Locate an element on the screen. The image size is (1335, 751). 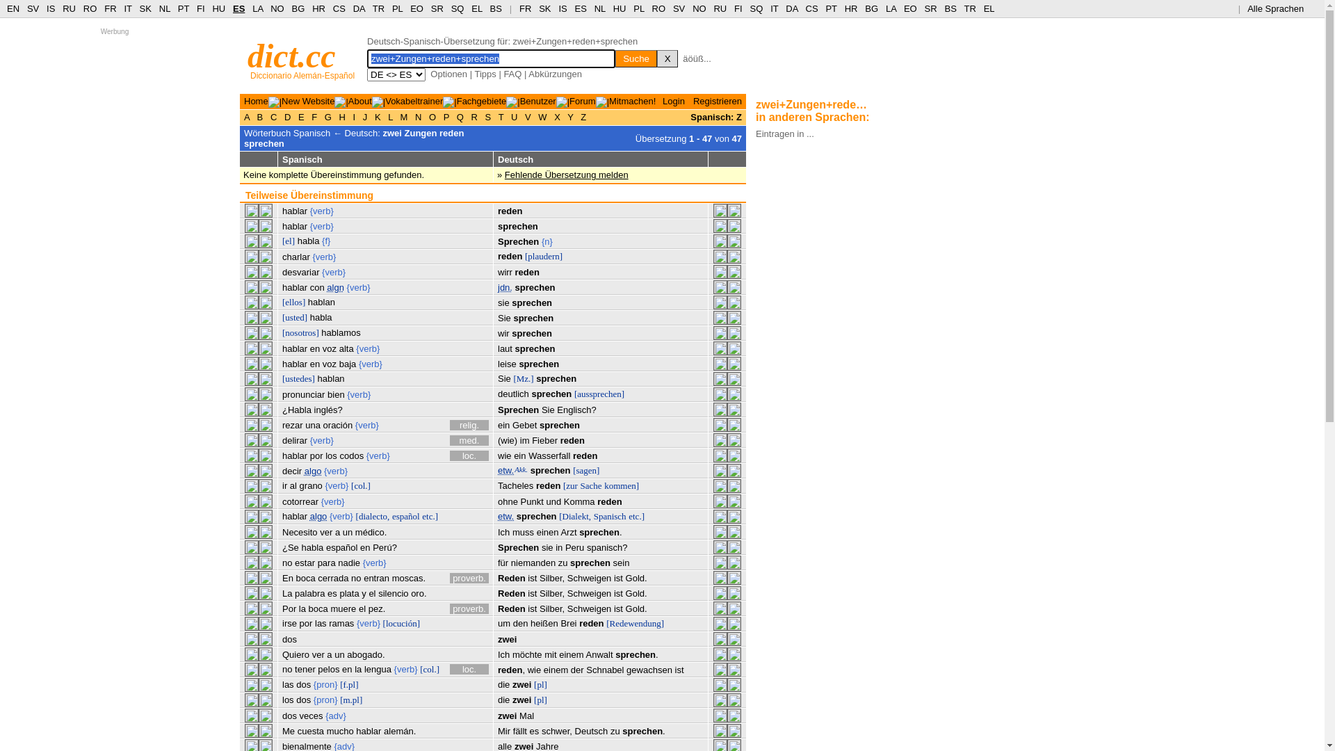
'ist' is located at coordinates (679, 669).